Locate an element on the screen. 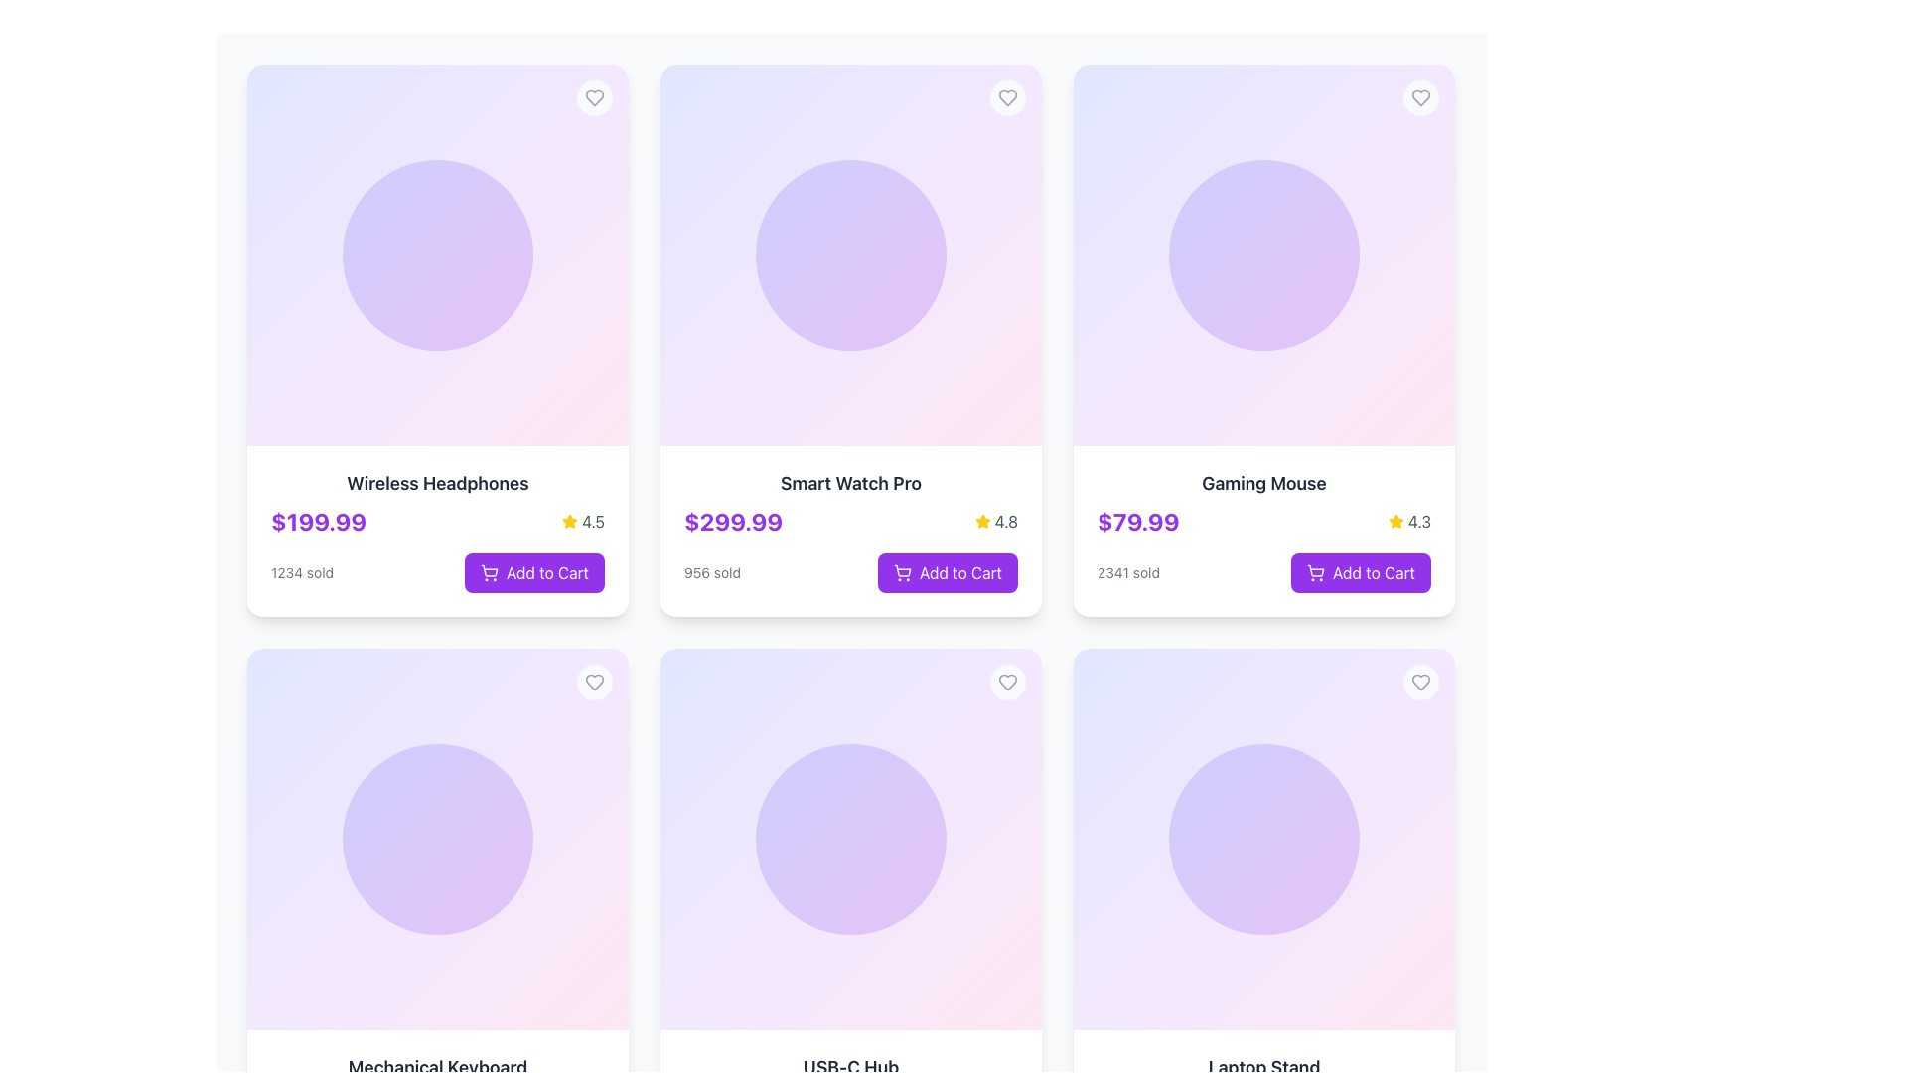  the star icon indicating the rating for the 'Gaming Mouse' product, located in the top-right section of the product card, next to the rating value '4.3' is located at coordinates (1394, 520).